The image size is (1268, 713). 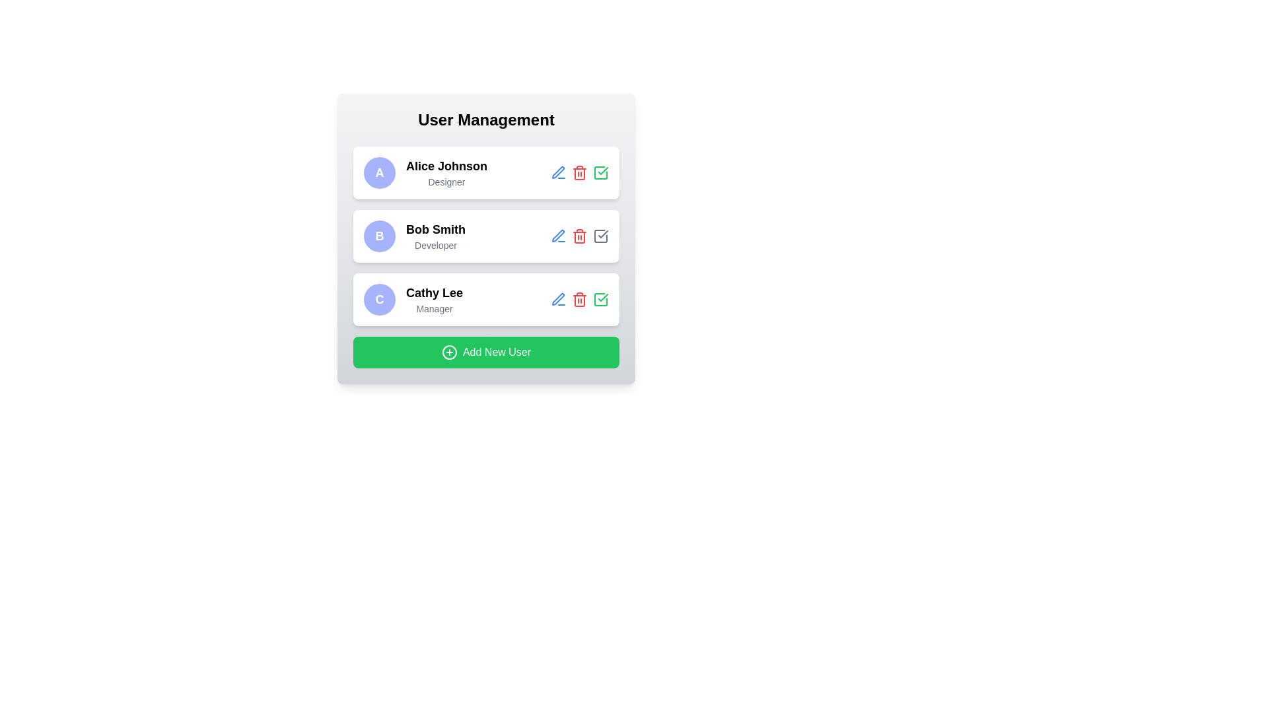 What do you see at coordinates (446, 172) in the screenshot?
I see `the Text Display element for 'Alice Johnson', which includes the subtitle 'Designer', located` at bounding box center [446, 172].